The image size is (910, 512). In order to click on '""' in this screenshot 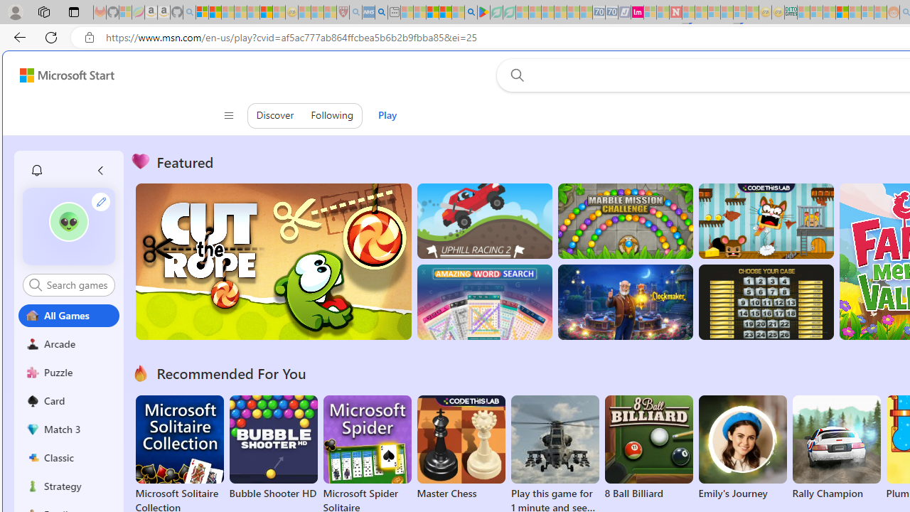, I will do `click(68, 222)`.